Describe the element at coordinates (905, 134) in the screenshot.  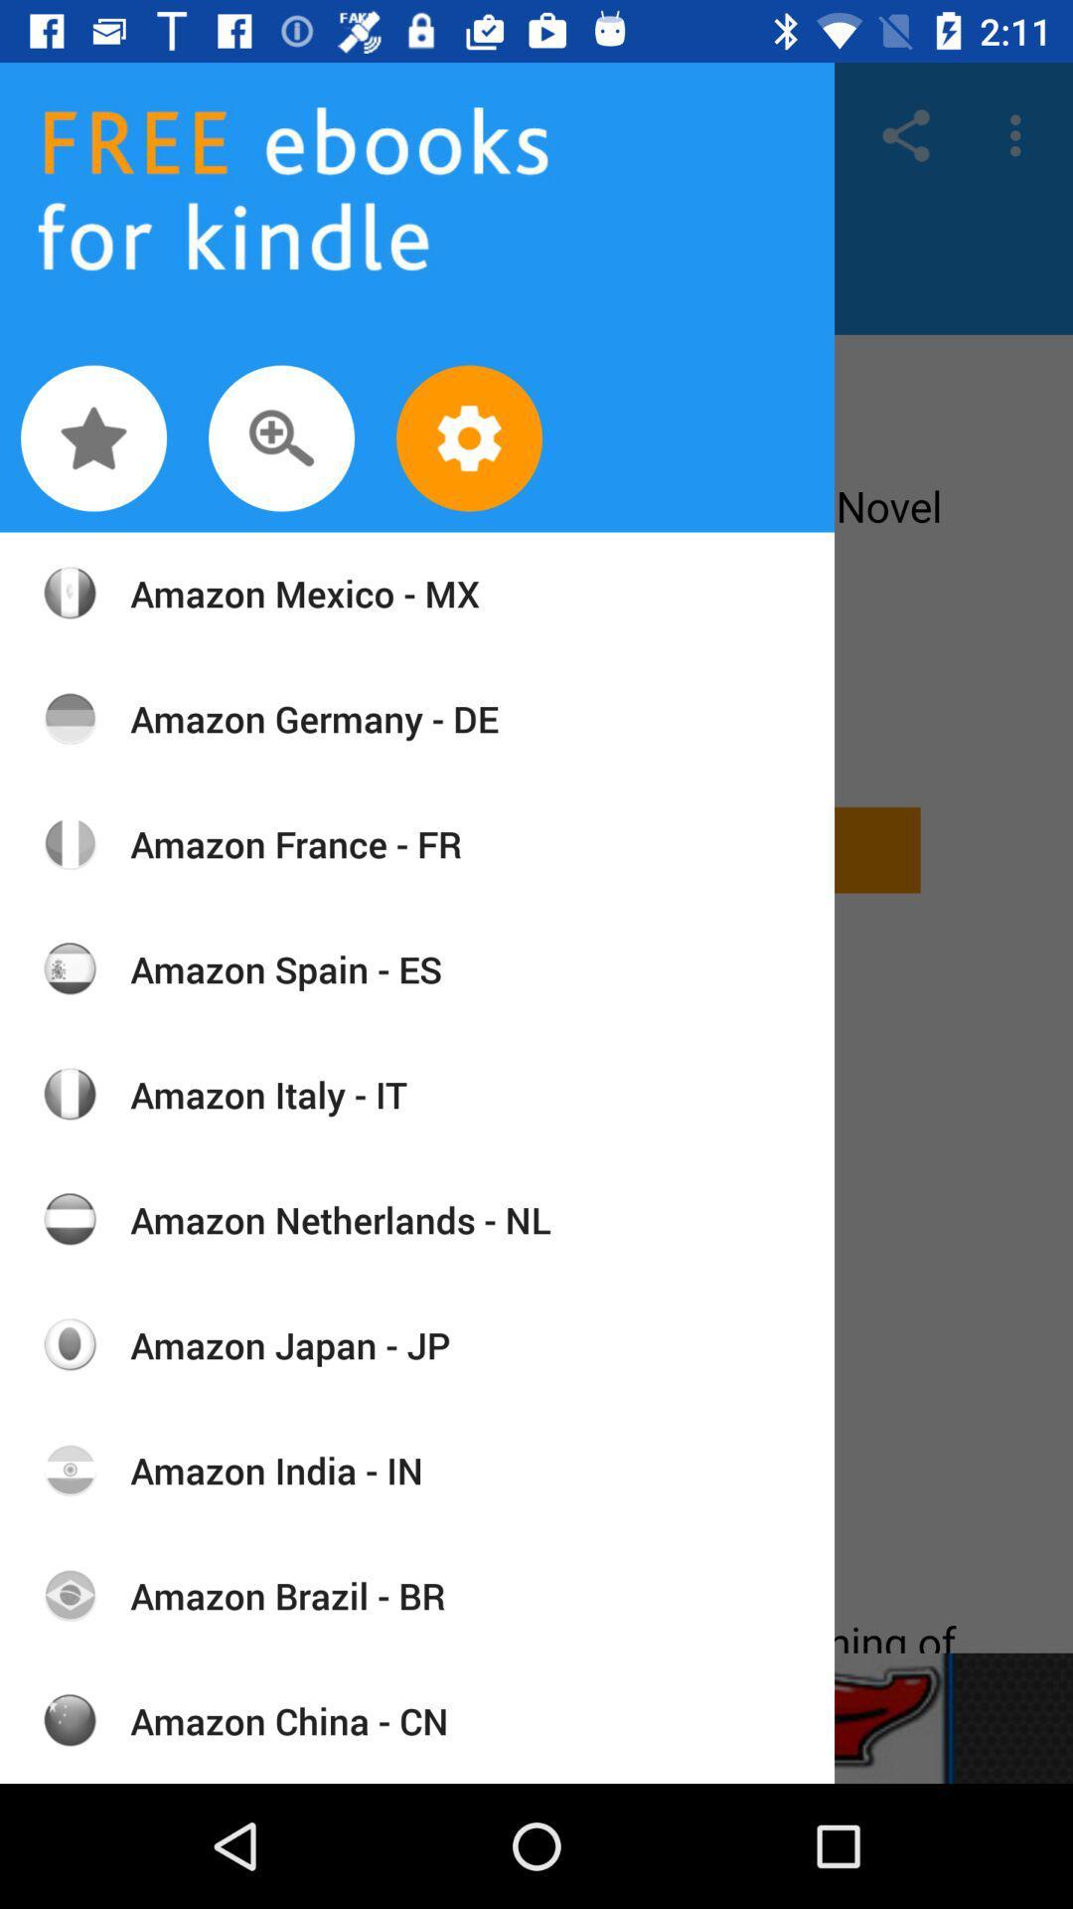
I see `the share icon` at that location.